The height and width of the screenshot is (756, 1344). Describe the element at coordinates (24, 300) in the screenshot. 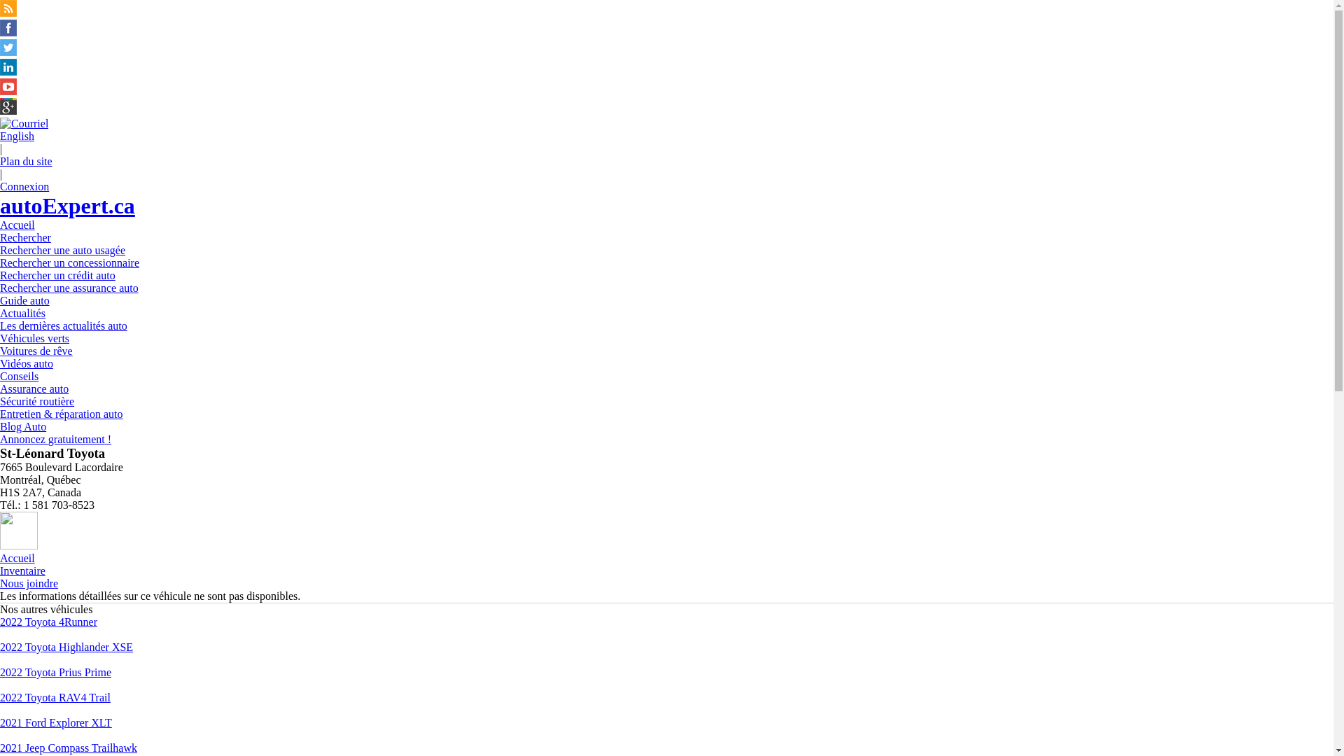

I see `'Guide auto'` at that location.